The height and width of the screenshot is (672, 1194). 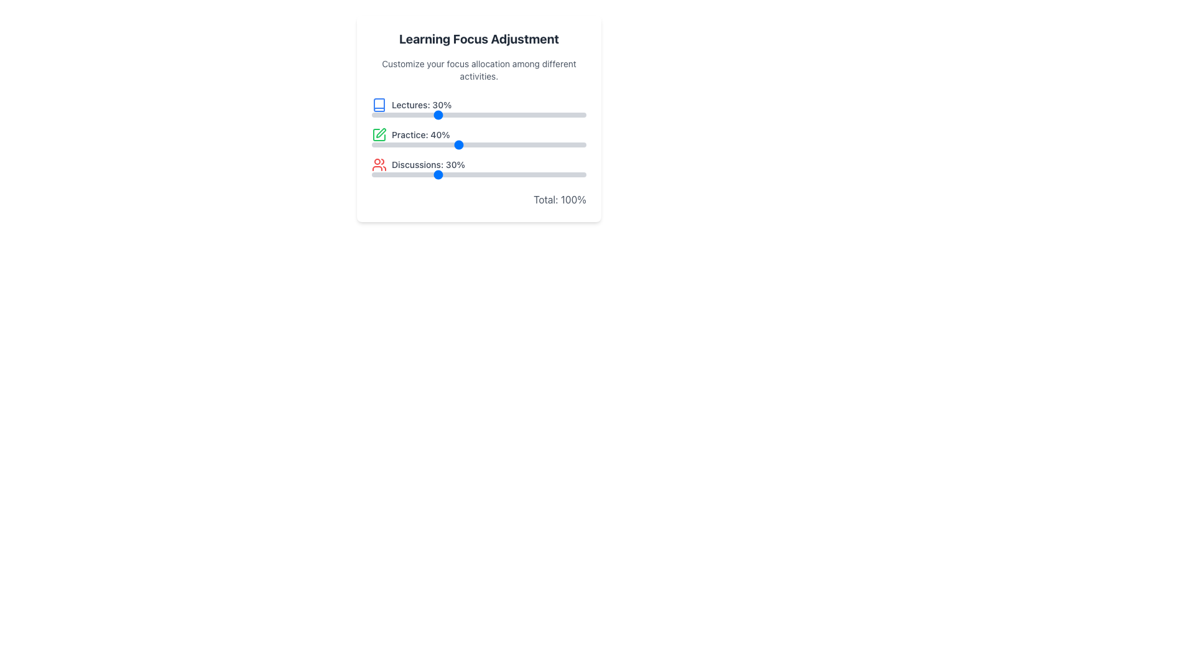 What do you see at coordinates (478, 107) in the screenshot?
I see `the Composite UI element displaying 'Lectures: 30%' with the progress bar and book icon` at bounding box center [478, 107].